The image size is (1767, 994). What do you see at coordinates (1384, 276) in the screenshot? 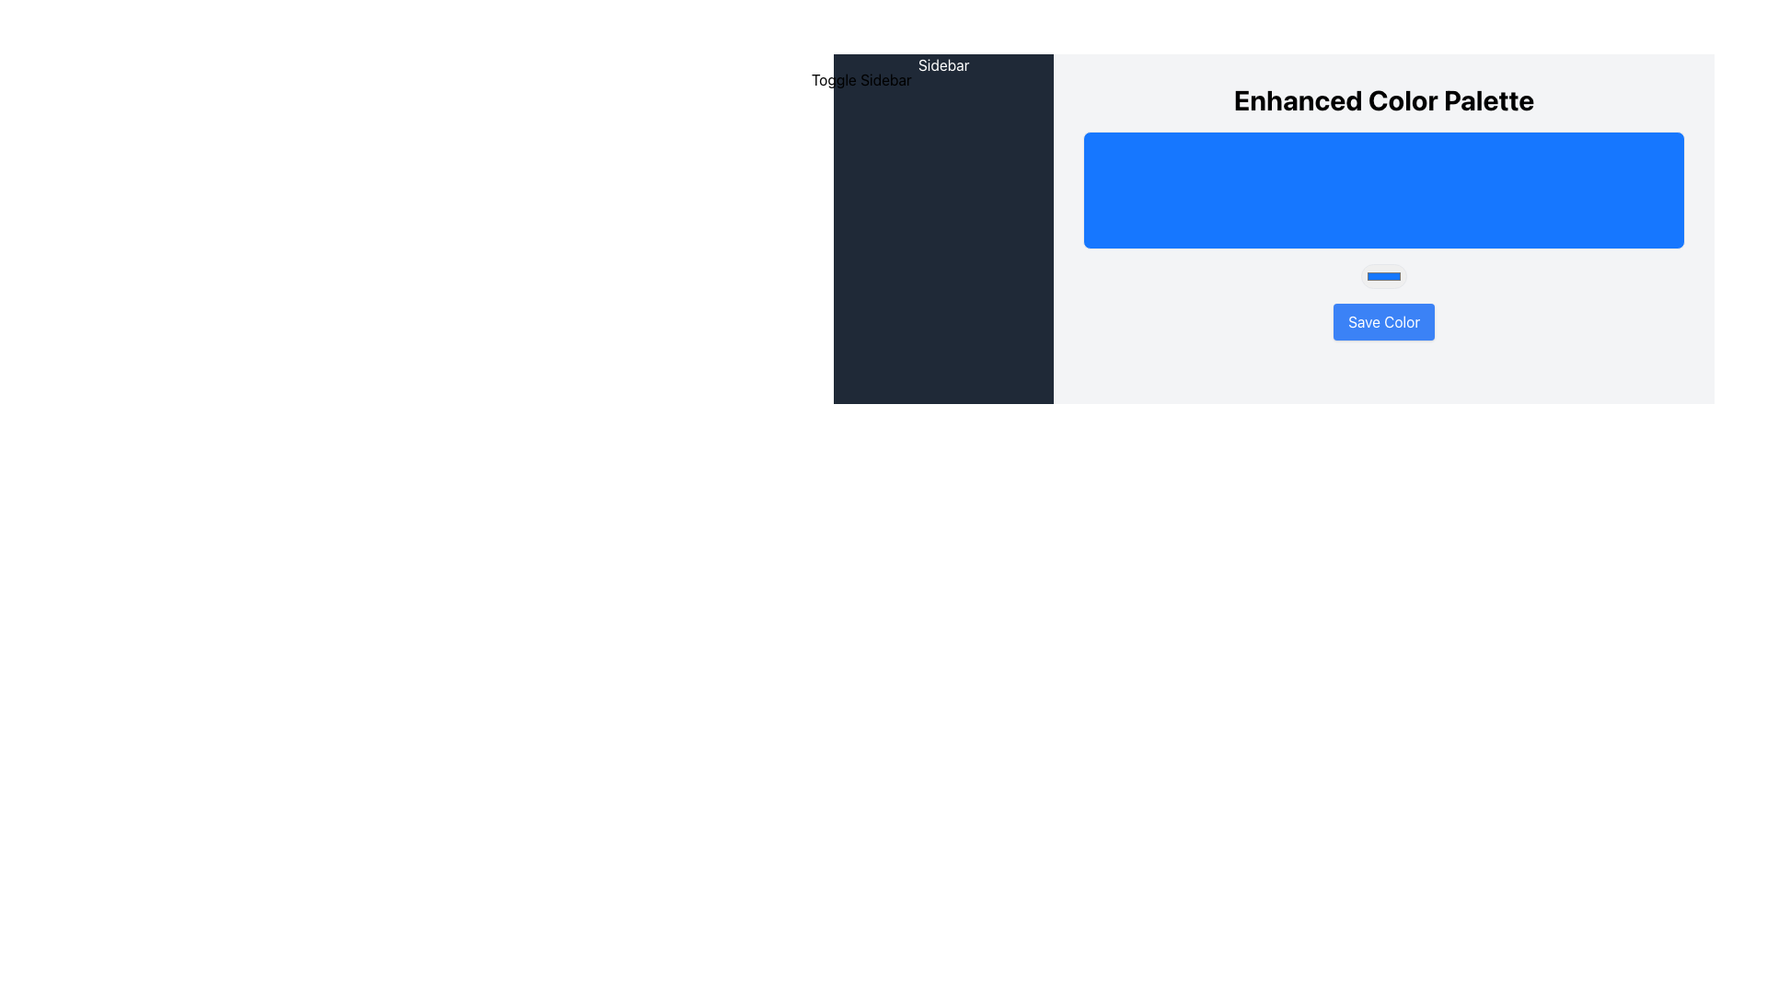
I see `the color picker button located under the large blue rectangle and above the 'Save Color' button` at bounding box center [1384, 276].